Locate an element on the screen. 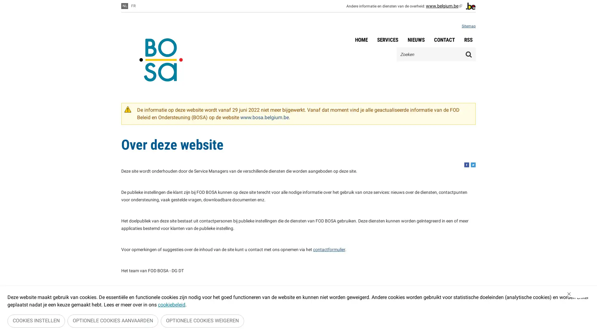 The image size is (597, 336). Share this, twitter. This button opens a new window is located at coordinates (473, 164).